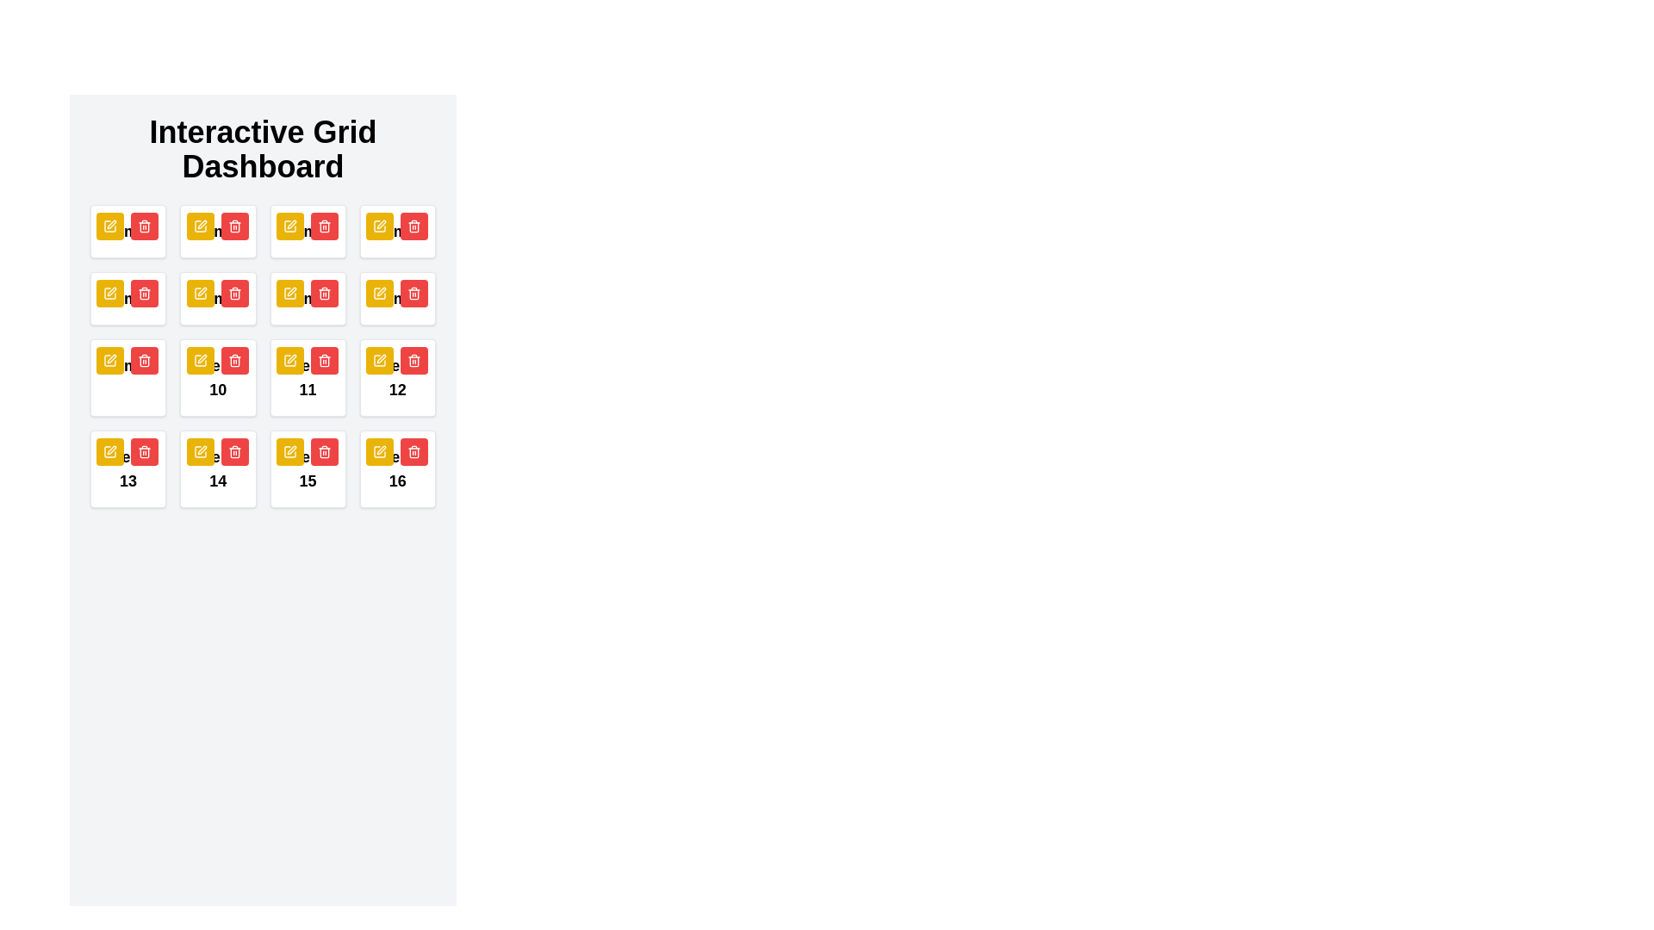 The width and height of the screenshot is (1654, 930). I want to click on the icon-based delete button located in the second card of the grid under 'Interactive Grid Dashboard', so click(324, 225).